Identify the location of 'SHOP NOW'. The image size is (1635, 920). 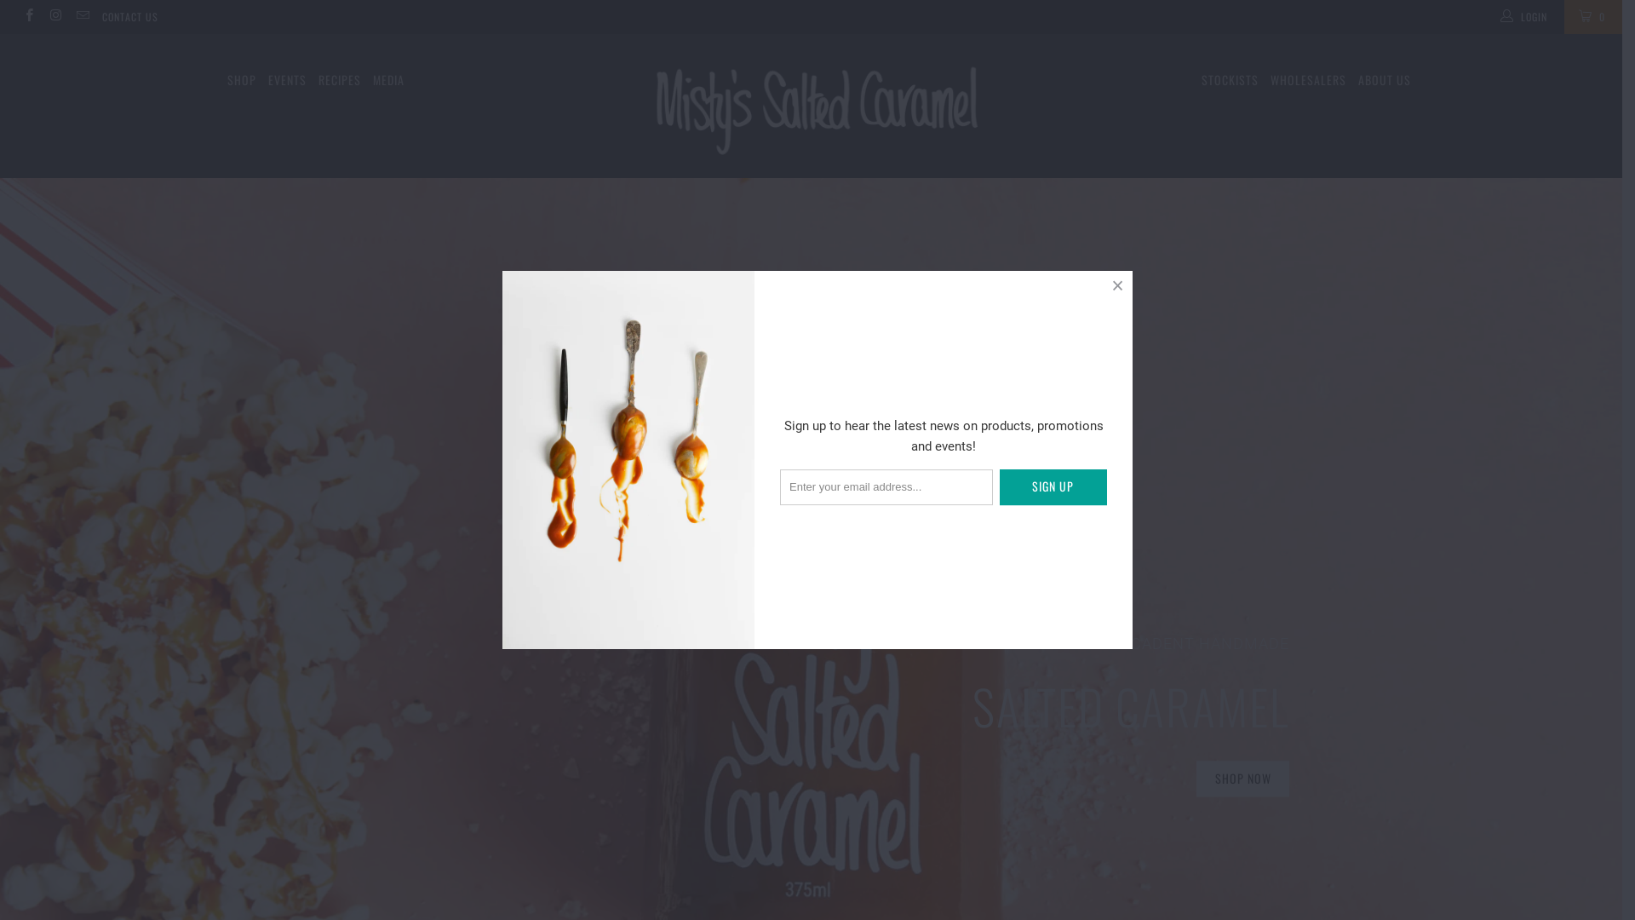
(1242, 779).